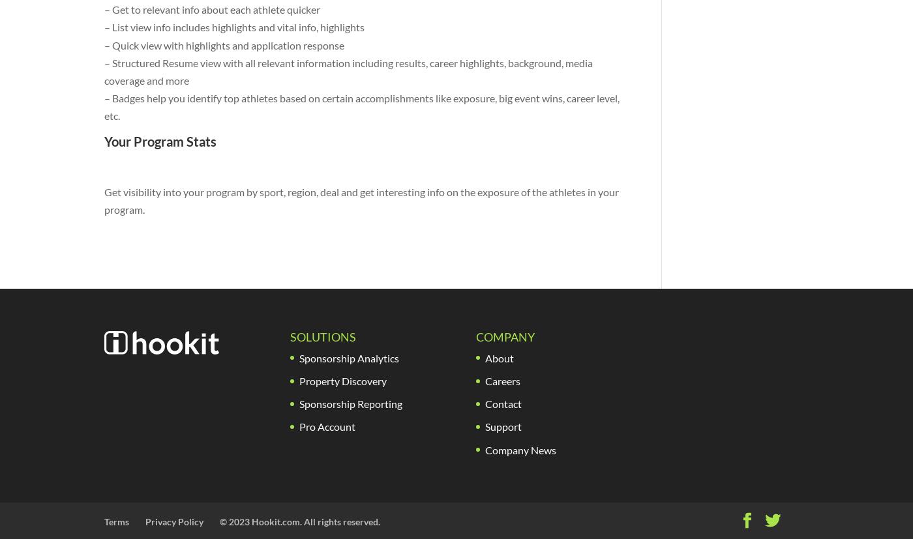  What do you see at coordinates (297, 380) in the screenshot?
I see `'Property Discovery'` at bounding box center [297, 380].